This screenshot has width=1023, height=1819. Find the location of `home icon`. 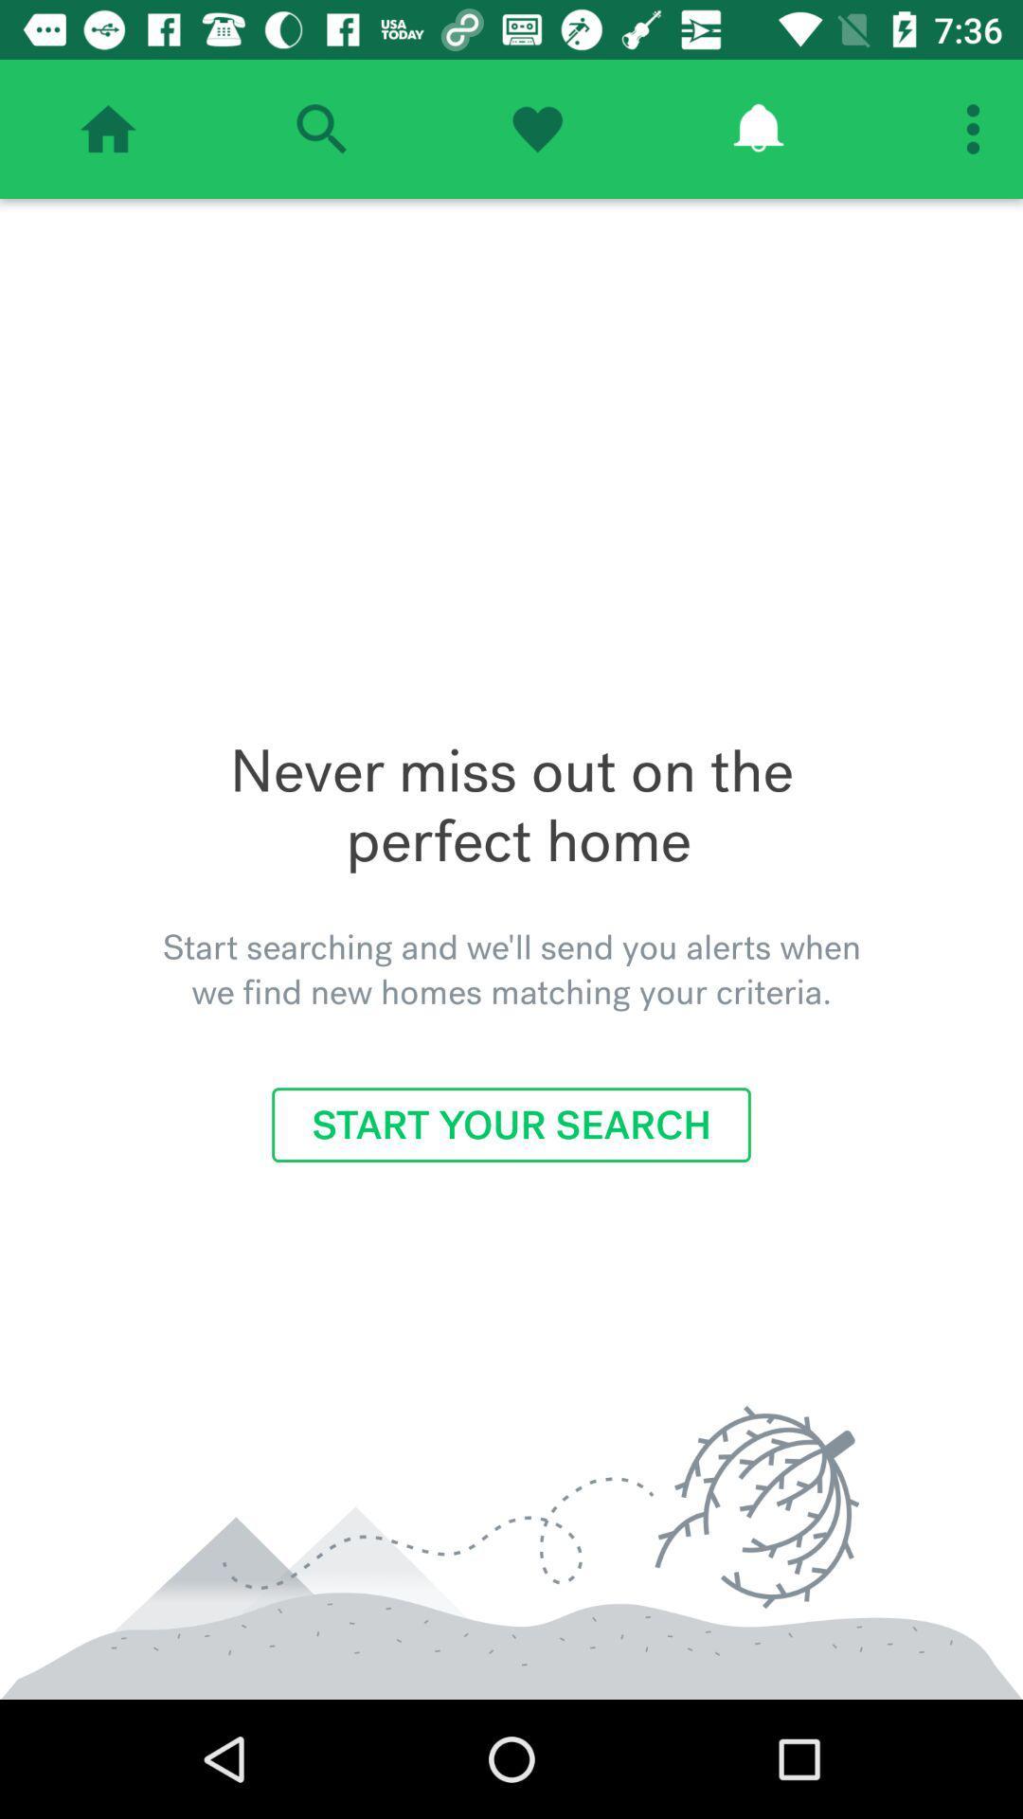

home icon is located at coordinates (108, 128).